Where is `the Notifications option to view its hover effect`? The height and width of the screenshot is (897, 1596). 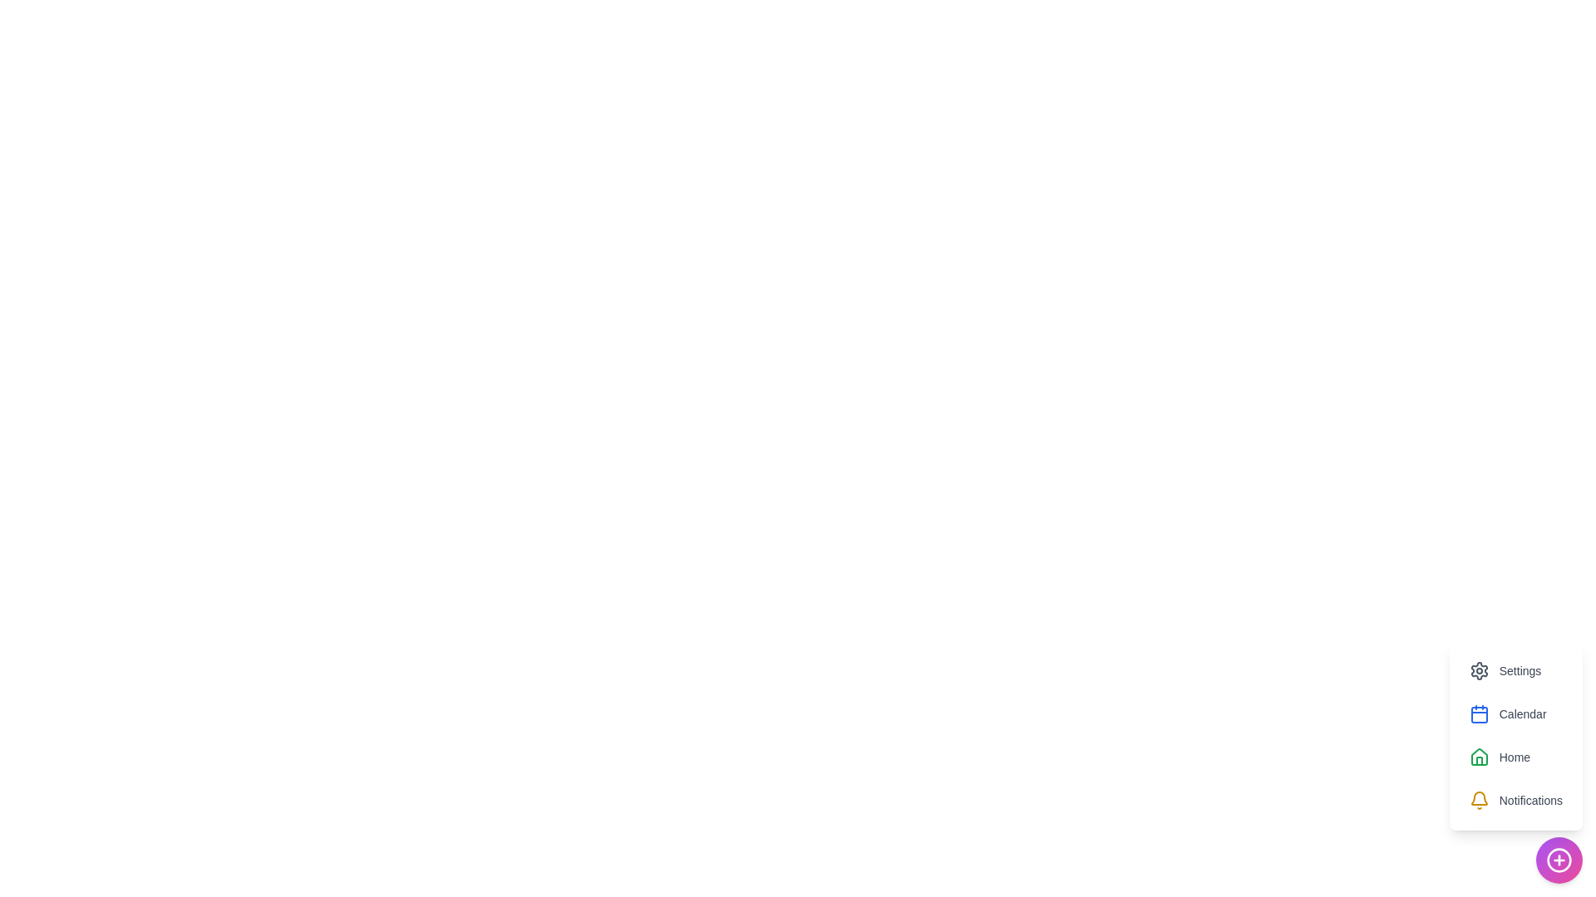 the Notifications option to view its hover effect is located at coordinates (1516, 800).